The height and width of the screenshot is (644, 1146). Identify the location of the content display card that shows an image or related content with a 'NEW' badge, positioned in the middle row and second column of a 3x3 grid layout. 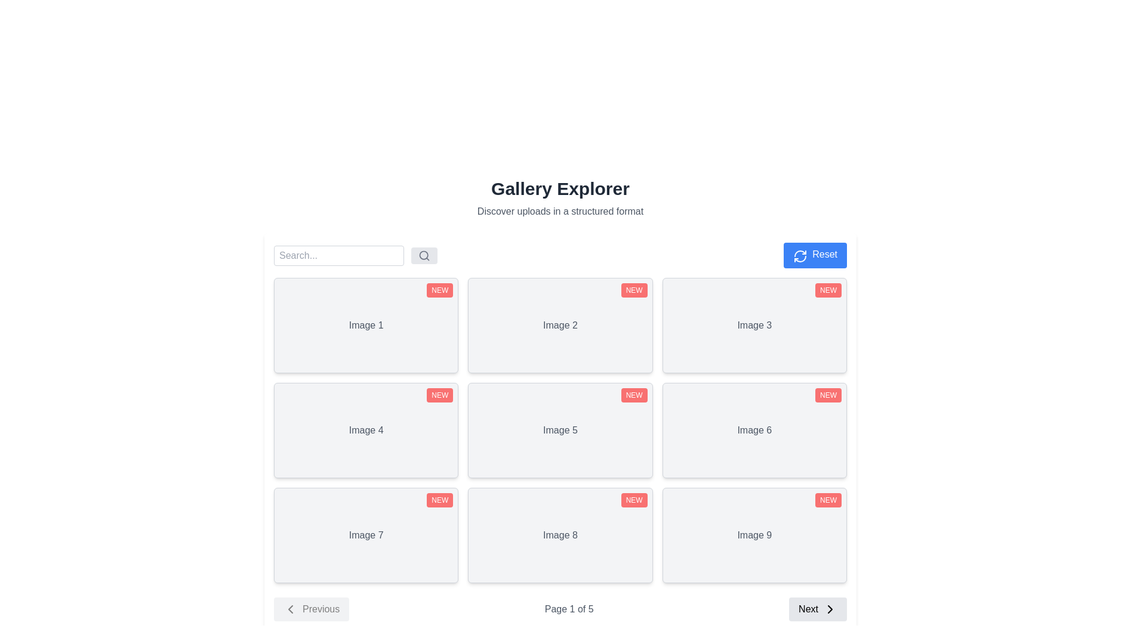
(560, 430).